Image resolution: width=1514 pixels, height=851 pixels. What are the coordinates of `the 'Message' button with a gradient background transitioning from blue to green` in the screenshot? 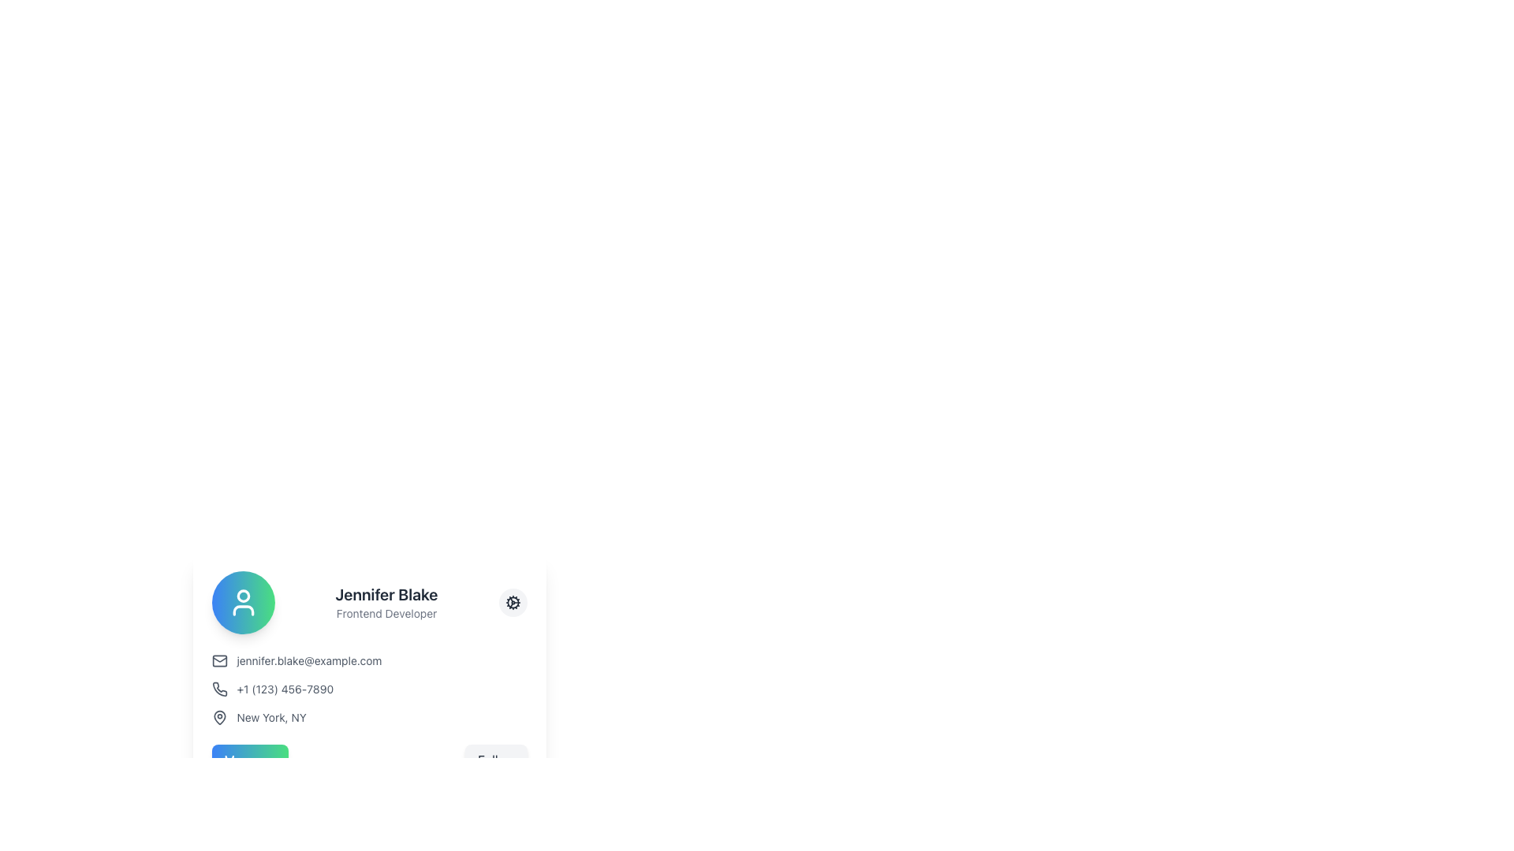 It's located at (249, 759).